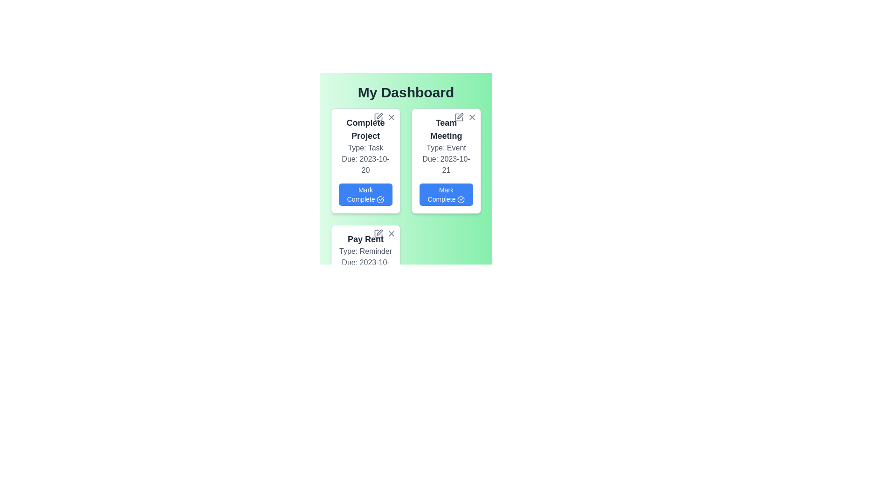  Describe the element at coordinates (459, 116) in the screenshot. I see `the edit icon located in the top-right corner of the 'Team Meeting' card to change its color` at that location.